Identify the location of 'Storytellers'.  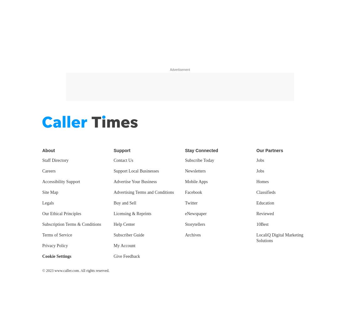
(184, 224).